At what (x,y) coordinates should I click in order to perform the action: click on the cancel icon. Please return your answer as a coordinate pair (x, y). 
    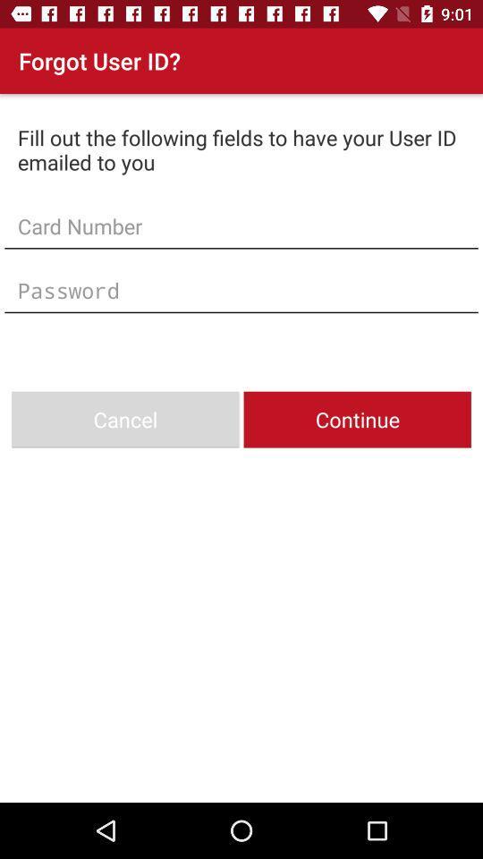
    Looking at the image, I should click on (124, 420).